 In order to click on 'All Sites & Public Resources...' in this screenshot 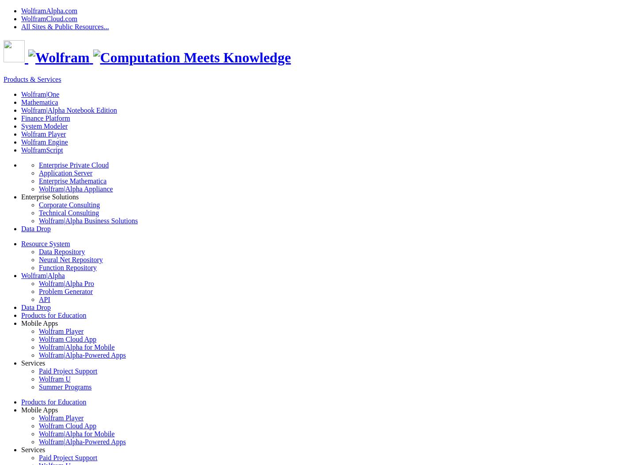, I will do `click(64, 26)`.